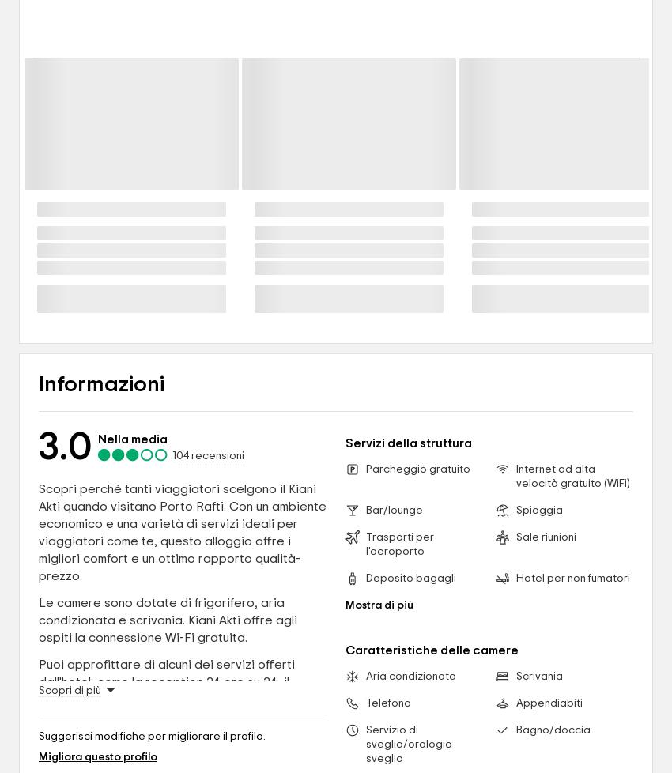 This screenshot has height=773, width=672. I want to click on 'Aria condizionata', so click(364, 676).